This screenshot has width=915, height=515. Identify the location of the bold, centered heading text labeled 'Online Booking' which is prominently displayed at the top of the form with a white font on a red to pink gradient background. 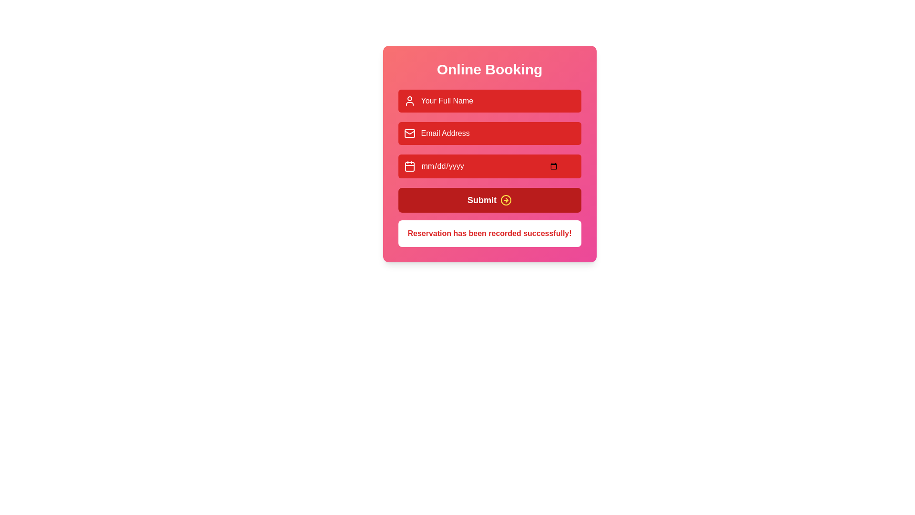
(489, 69).